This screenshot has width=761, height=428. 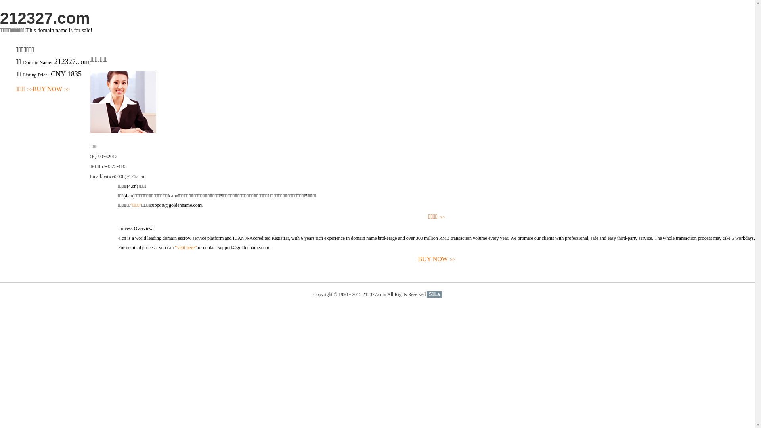 What do you see at coordinates (436, 259) in the screenshot?
I see `'BUY NOW>>'` at bounding box center [436, 259].